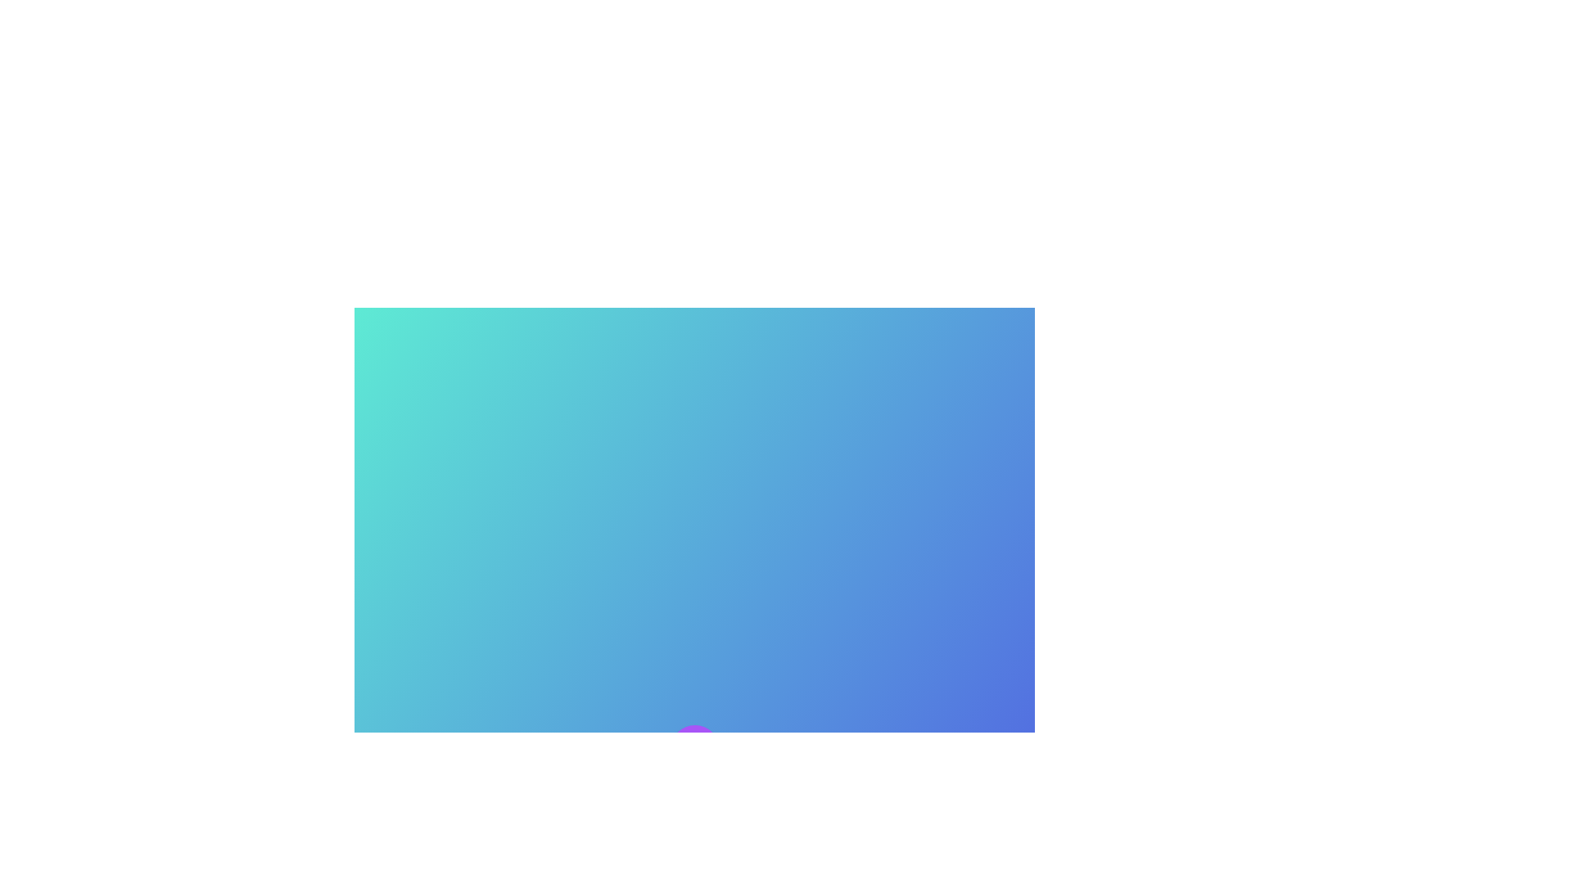 This screenshot has width=1572, height=884. Describe the element at coordinates (694, 749) in the screenshot. I see `the toggle button to open or close the menu` at that location.